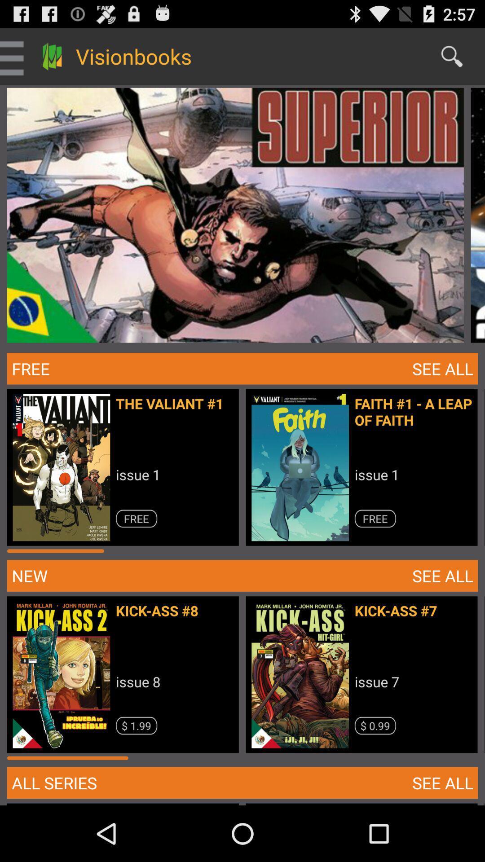 The width and height of the screenshot is (485, 862). What do you see at coordinates (442, 369) in the screenshot?
I see `the button right to free` at bounding box center [442, 369].